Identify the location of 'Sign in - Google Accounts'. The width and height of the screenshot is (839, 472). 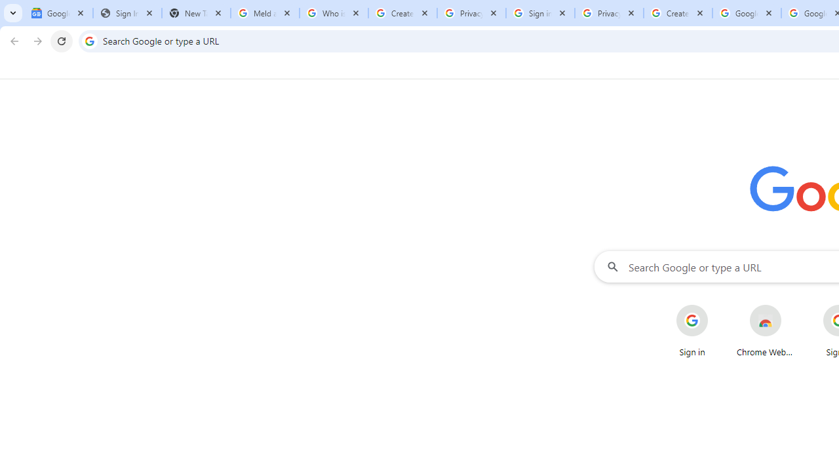
(540, 13).